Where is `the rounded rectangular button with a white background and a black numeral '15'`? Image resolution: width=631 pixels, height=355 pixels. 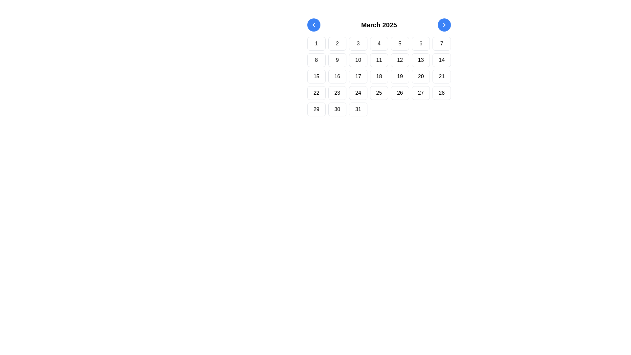
the rounded rectangular button with a white background and a black numeral '15' is located at coordinates (316, 76).